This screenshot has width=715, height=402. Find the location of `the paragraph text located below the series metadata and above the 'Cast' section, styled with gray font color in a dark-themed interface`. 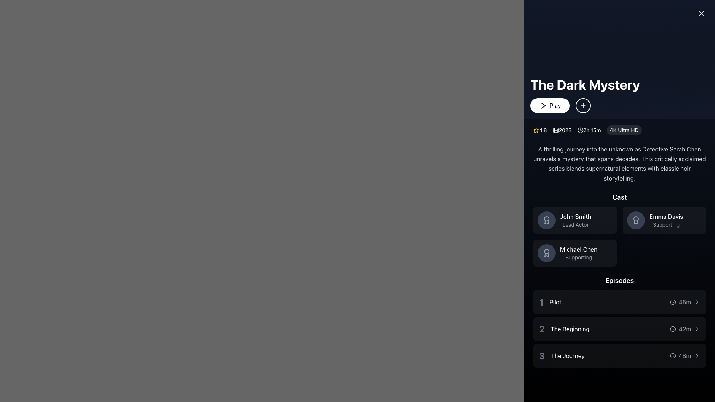

the paragraph text located below the series metadata and above the 'Cast' section, styled with gray font color in a dark-themed interface is located at coordinates (620, 163).